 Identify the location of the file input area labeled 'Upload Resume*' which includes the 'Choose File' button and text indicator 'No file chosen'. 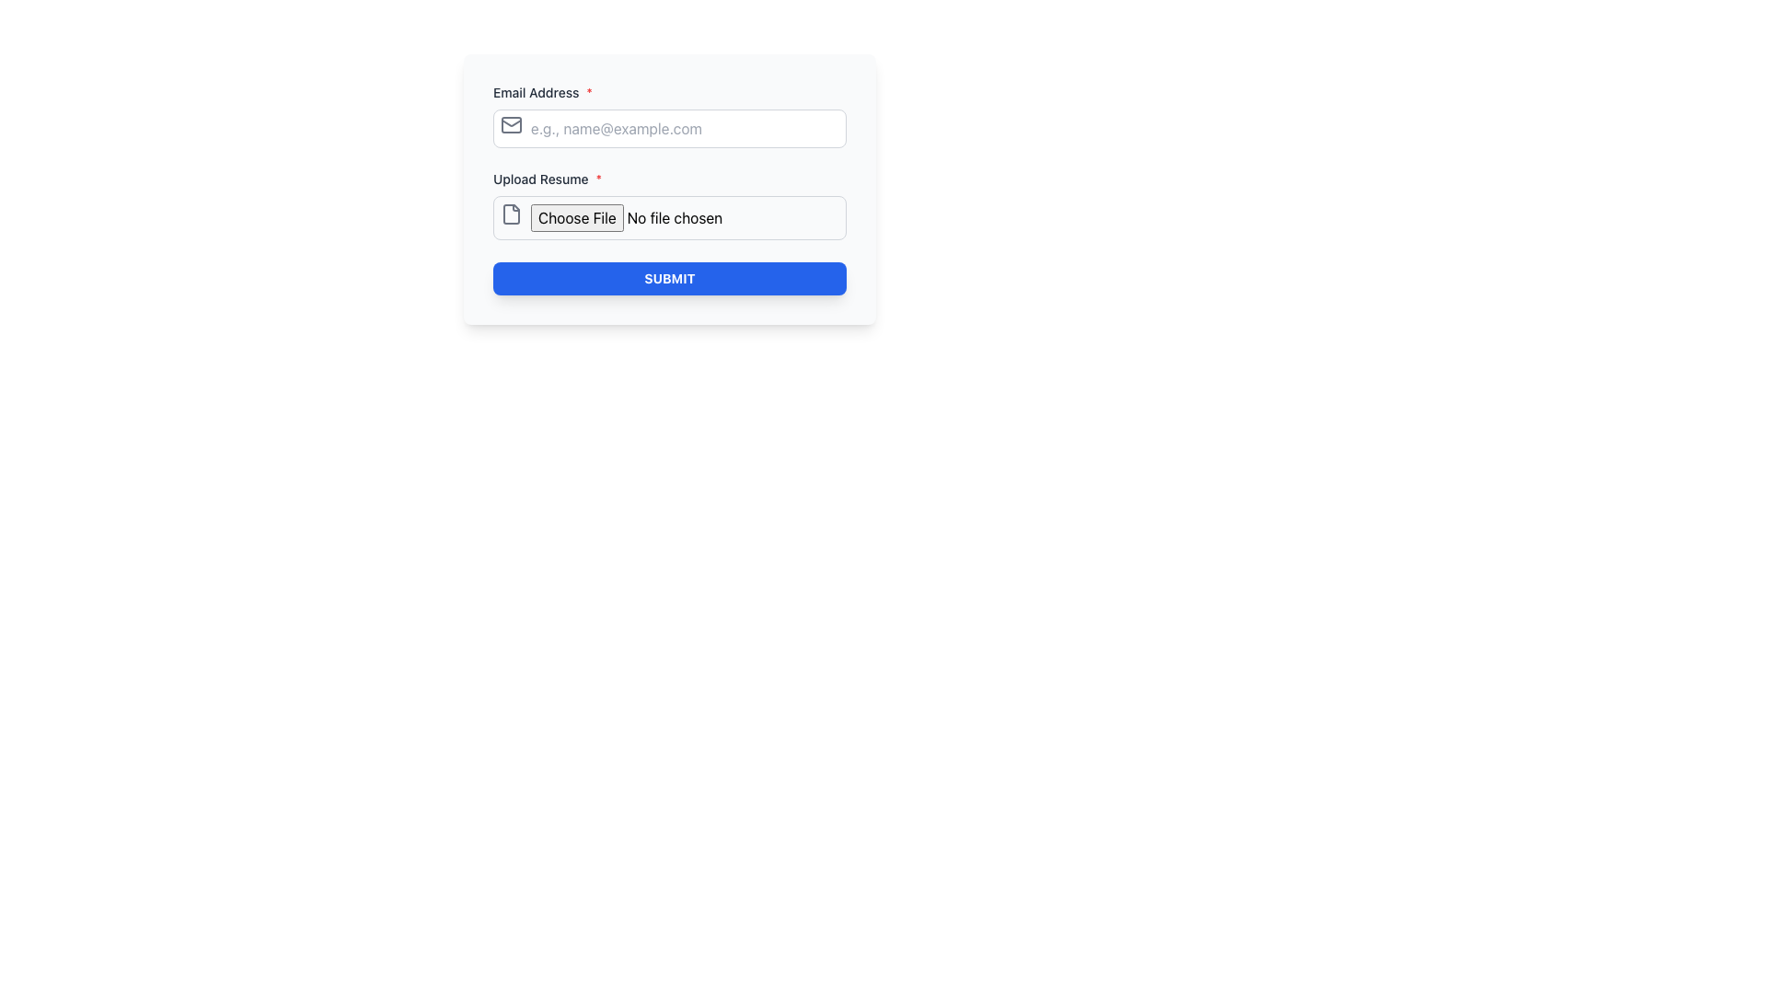
(669, 205).